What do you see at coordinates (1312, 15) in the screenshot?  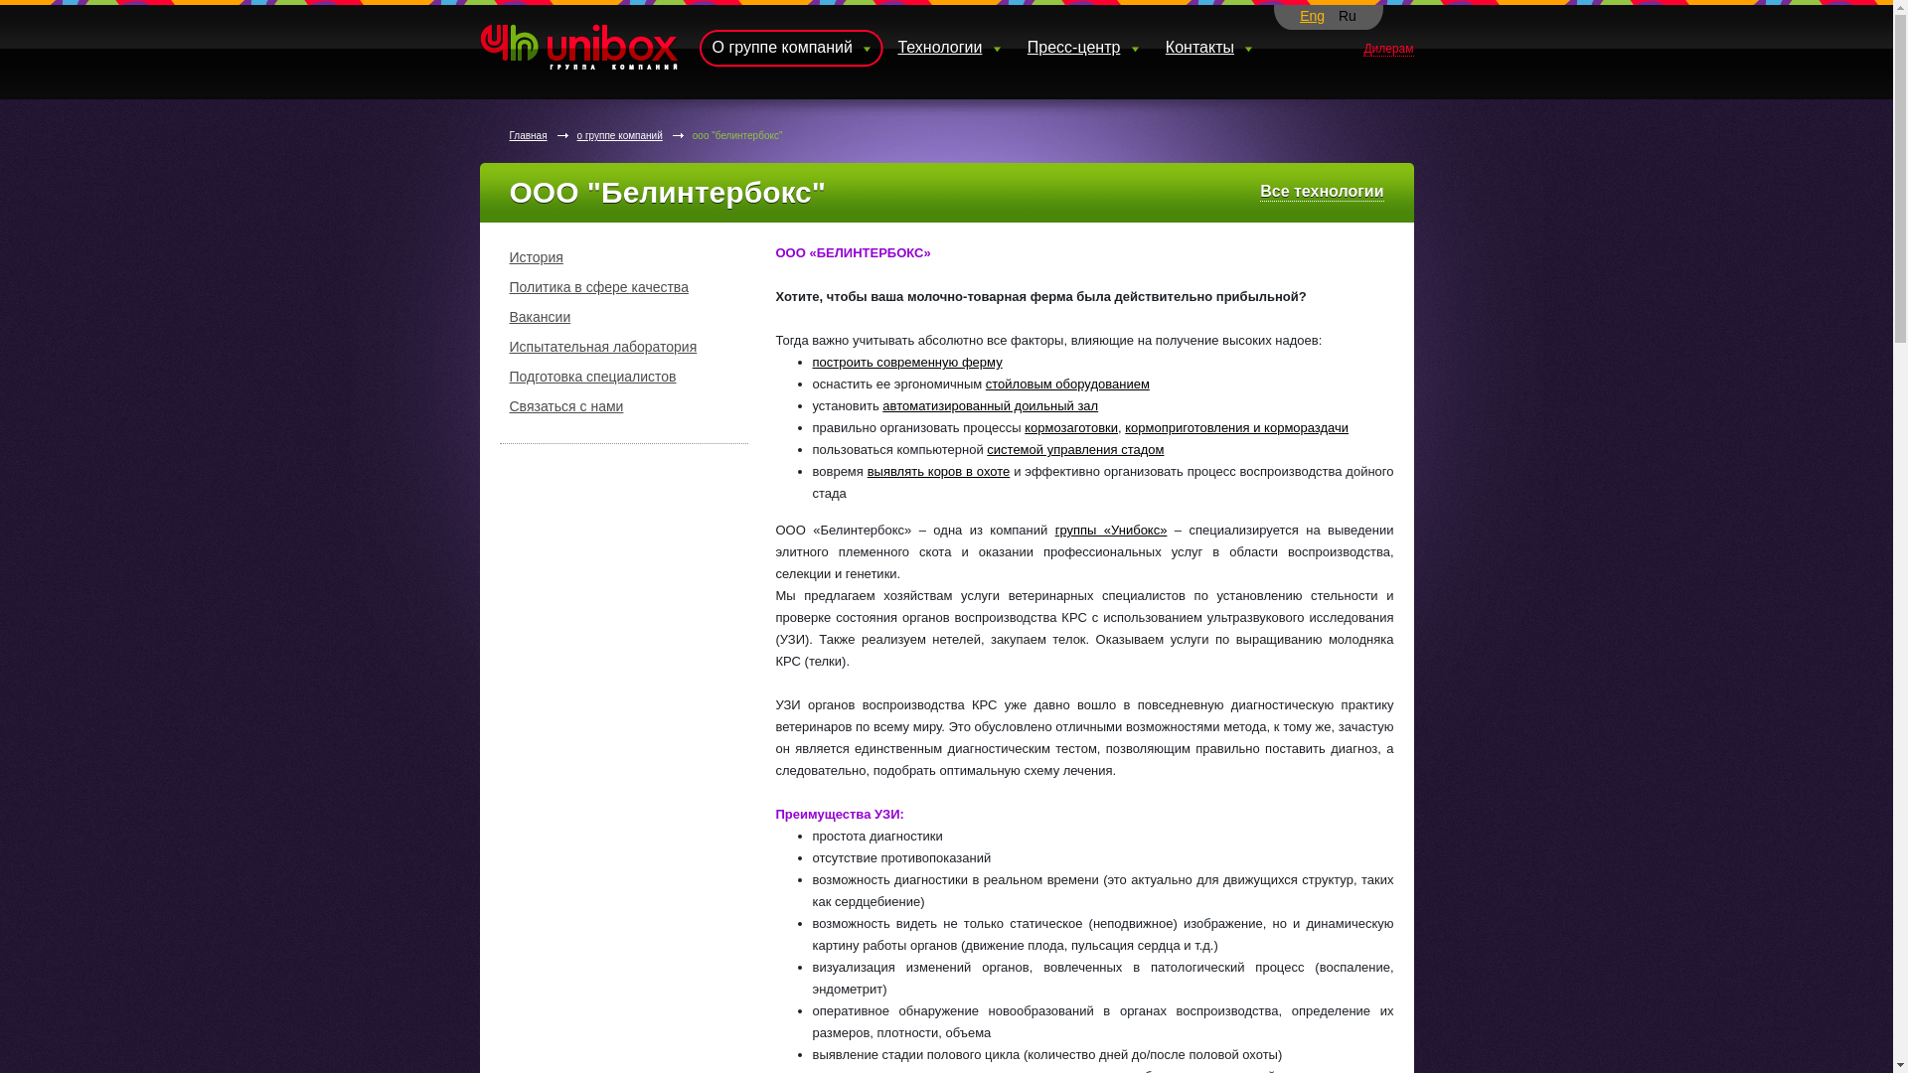 I see `'Eng'` at bounding box center [1312, 15].